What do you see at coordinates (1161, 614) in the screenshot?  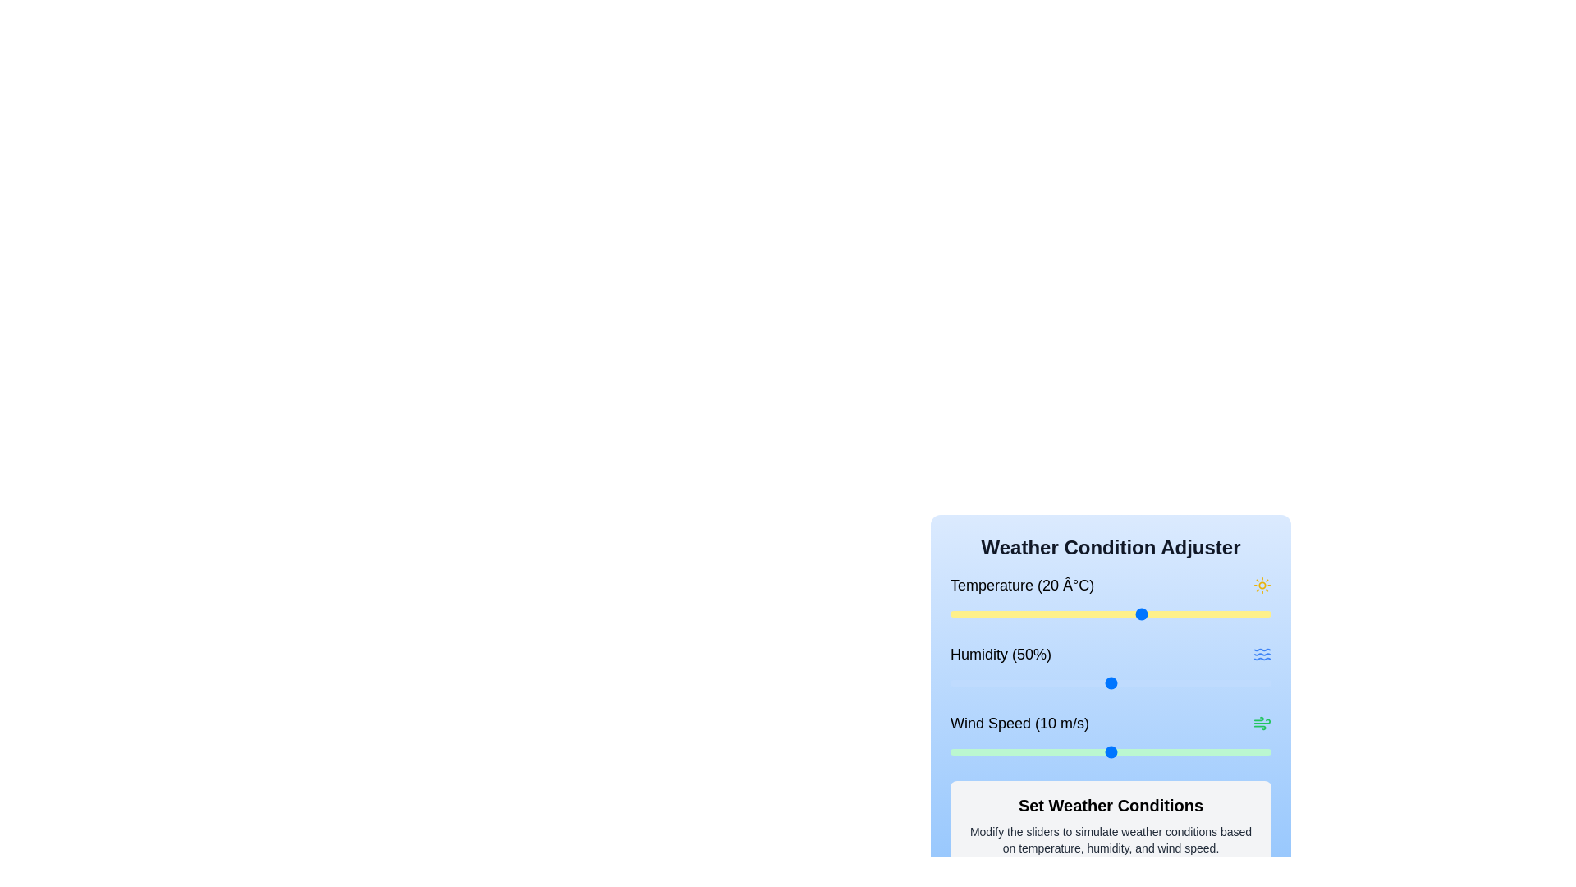 I see `the temperature slider to set the temperature to 23 degrees Celsius` at bounding box center [1161, 614].